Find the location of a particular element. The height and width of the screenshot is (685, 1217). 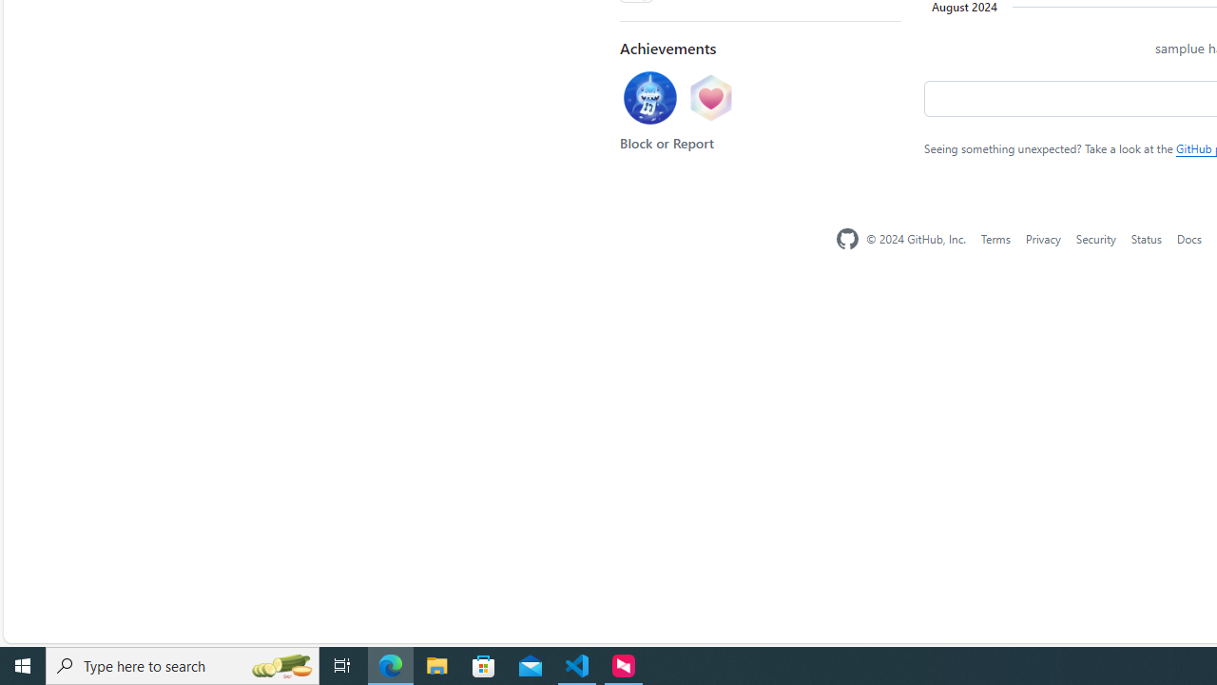

'Achievement: Public Sponsor' is located at coordinates (709, 100).